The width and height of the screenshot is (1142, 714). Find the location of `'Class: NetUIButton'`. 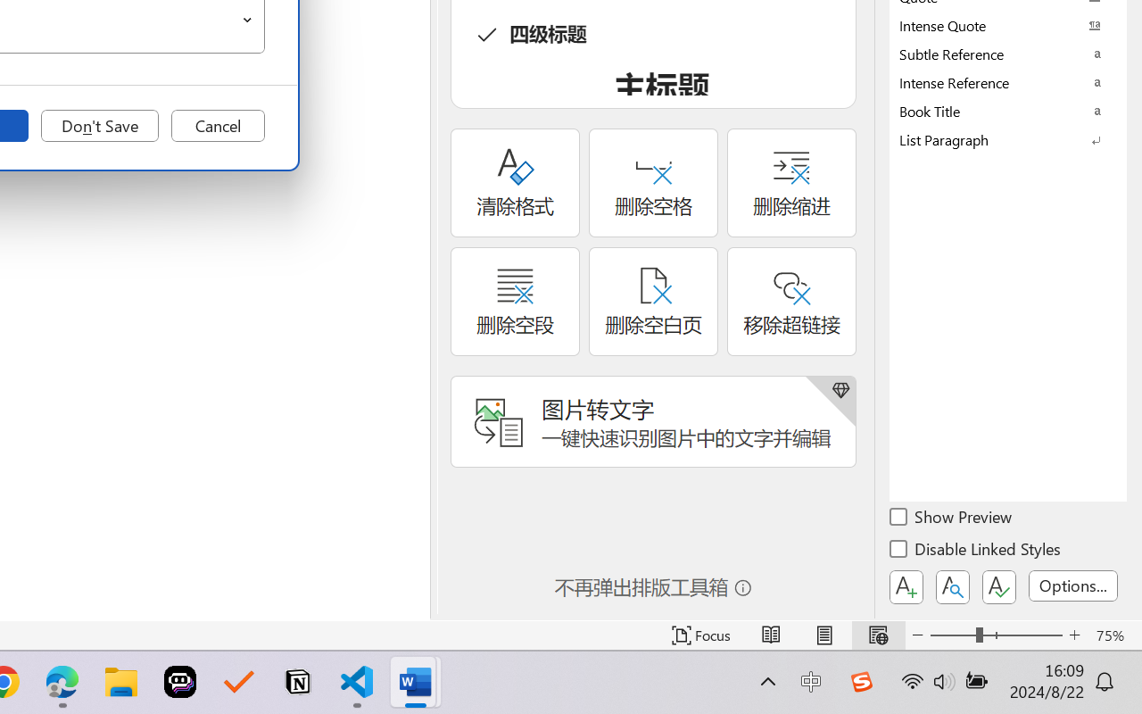

'Class: NetUIButton' is located at coordinates (999, 586).